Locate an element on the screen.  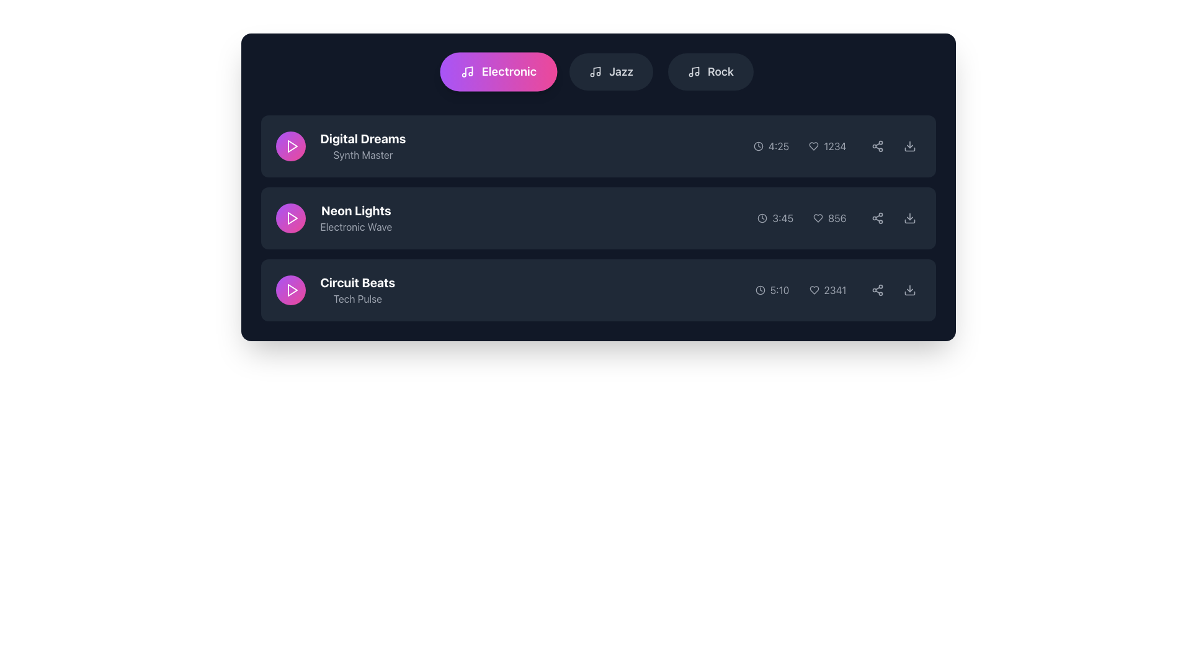
the heart-shaped icon in the third row is located at coordinates (814, 290).